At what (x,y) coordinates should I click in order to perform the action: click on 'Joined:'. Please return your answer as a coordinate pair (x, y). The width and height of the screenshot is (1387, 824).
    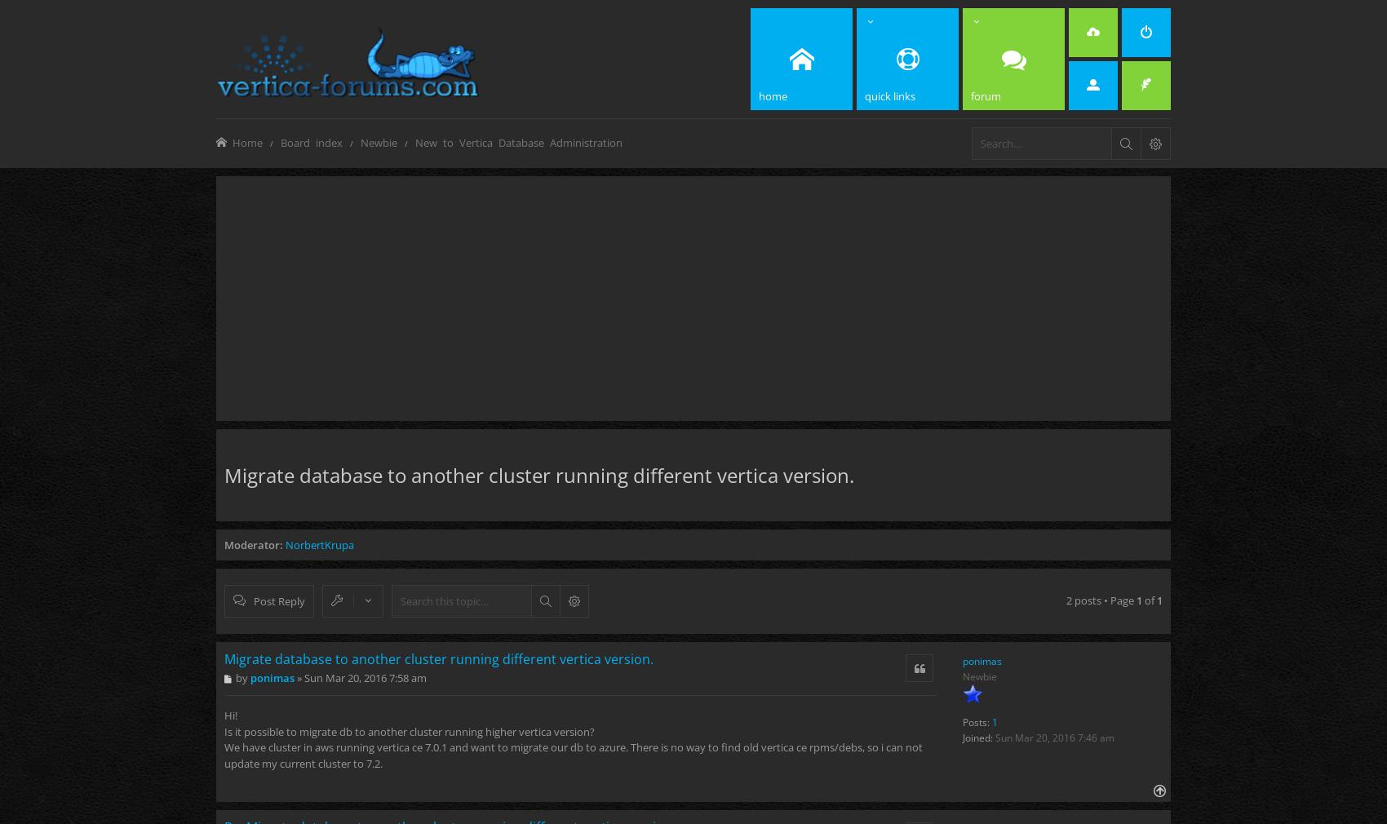
    Looking at the image, I should click on (977, 738).